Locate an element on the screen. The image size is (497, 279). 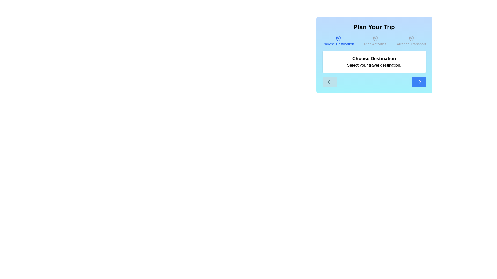
the step indicator corresponding to Plan Activities to view its state is located at coordinates (375, 41).